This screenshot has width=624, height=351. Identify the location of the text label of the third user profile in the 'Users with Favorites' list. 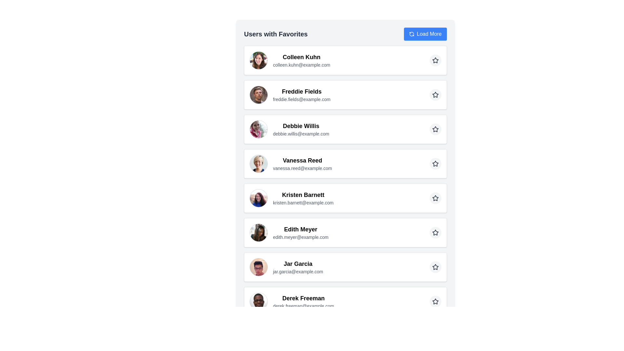
(289, 129).